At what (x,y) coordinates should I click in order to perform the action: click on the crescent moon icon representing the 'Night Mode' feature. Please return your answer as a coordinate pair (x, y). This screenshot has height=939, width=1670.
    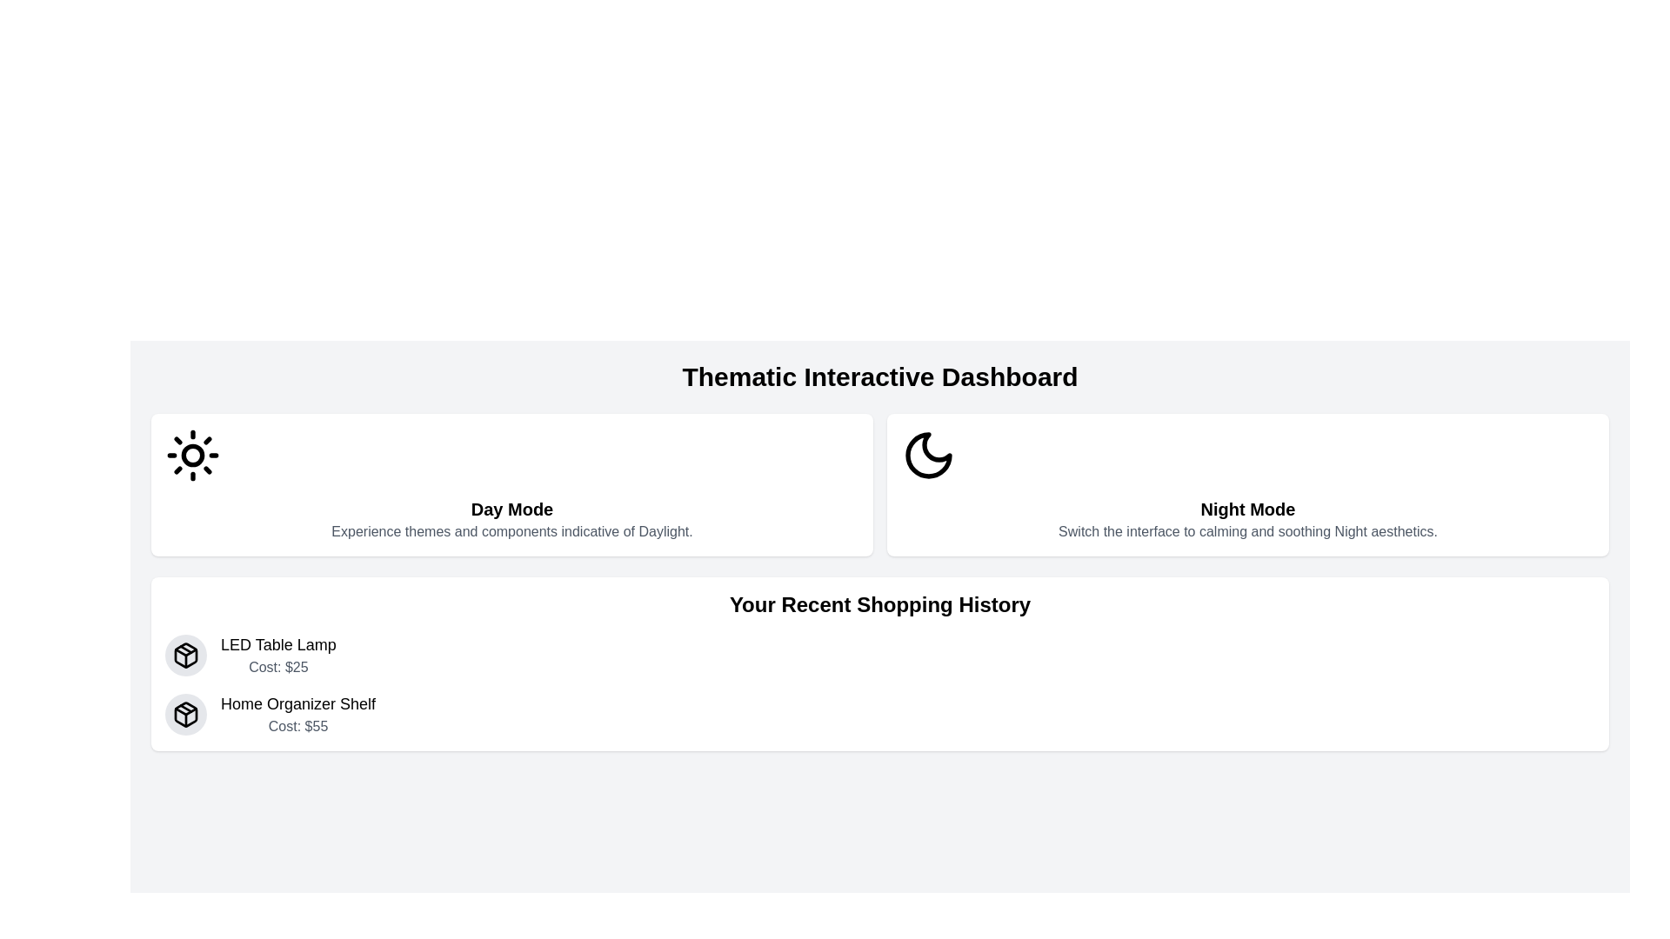
    Looking at the image, I should click on (928, 455).